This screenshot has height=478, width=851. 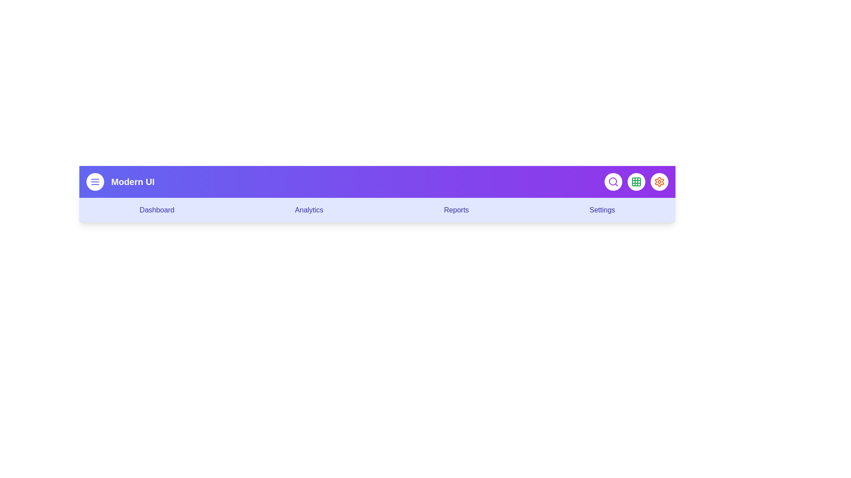 What do you see at coordinates (456, 210) in the screenshot?
I see `the menu item corresponding to Reports` at bounding box center [456, 210].